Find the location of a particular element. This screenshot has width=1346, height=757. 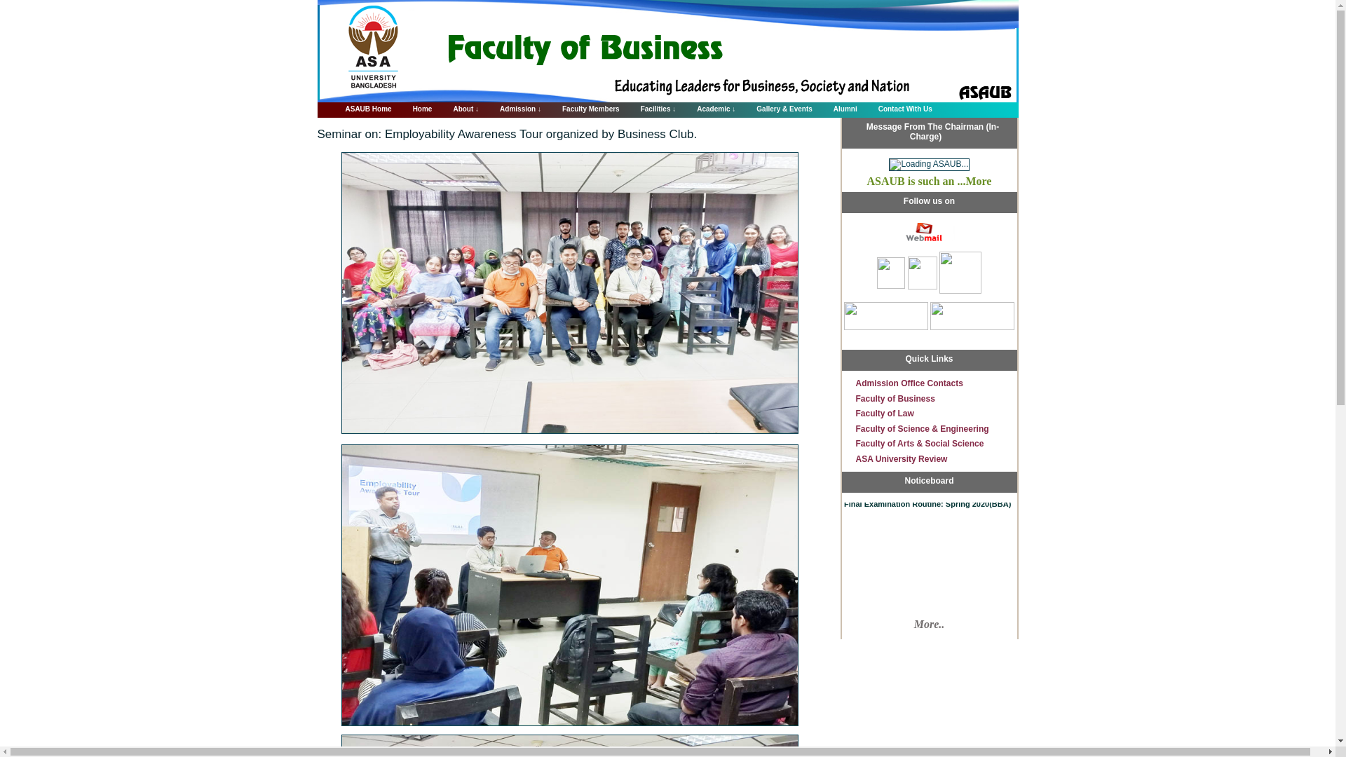

'ASAUB Home' is located at coordinates (360, 107).